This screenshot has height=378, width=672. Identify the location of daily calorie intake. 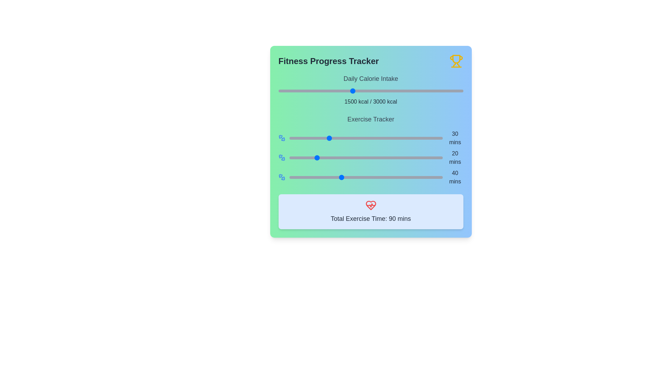
(379, 90).